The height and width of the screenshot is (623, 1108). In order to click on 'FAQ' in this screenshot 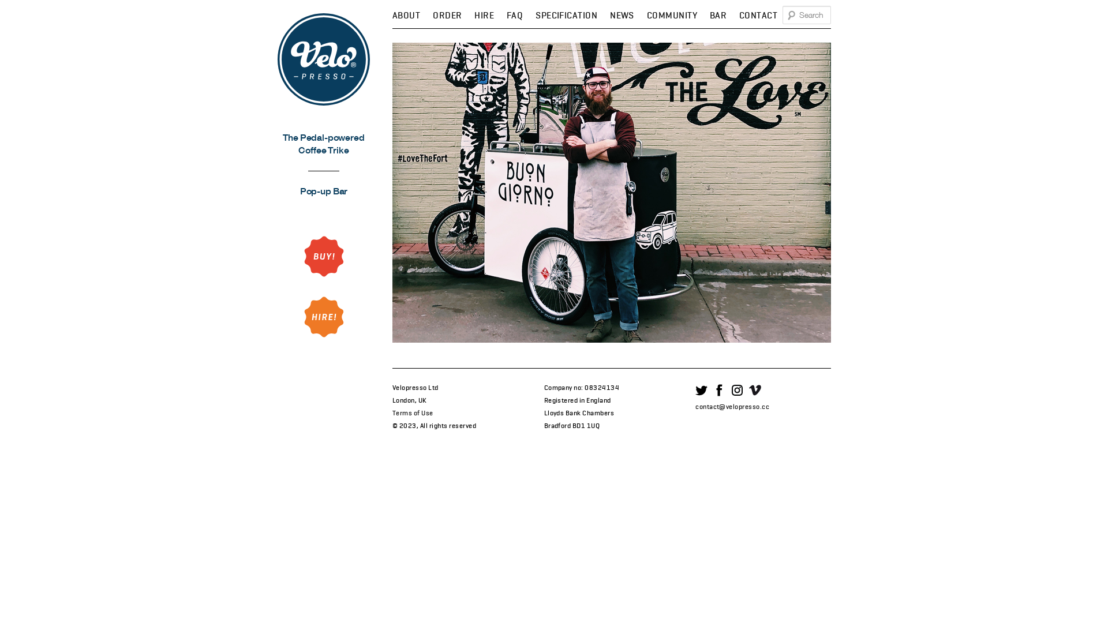, I will do `click(507, 16)`.